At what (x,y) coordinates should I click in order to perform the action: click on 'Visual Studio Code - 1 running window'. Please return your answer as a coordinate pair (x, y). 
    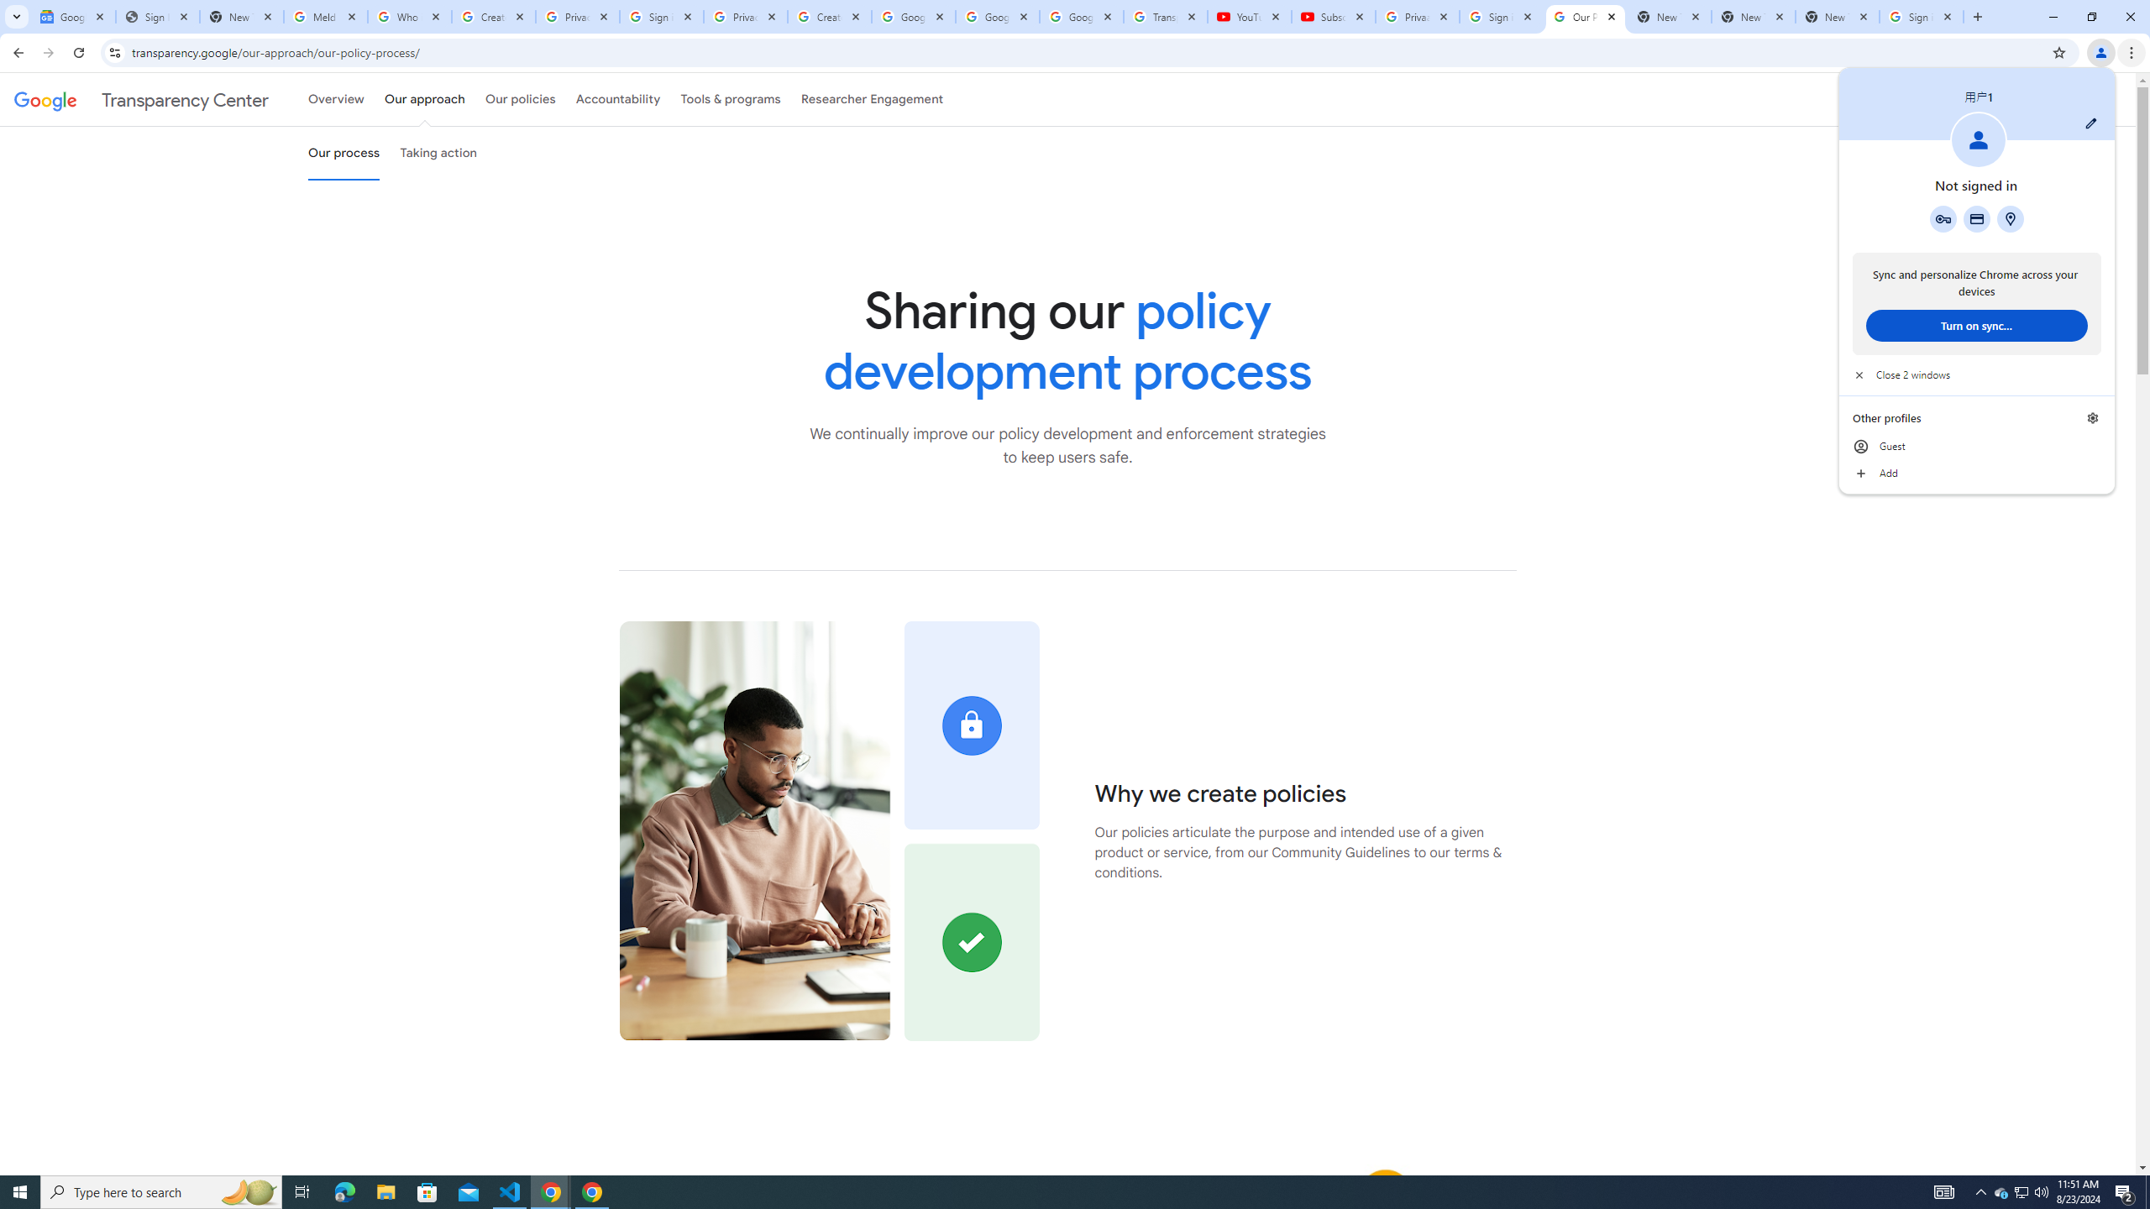
    Looking at the image, I should click on (510, 1191).